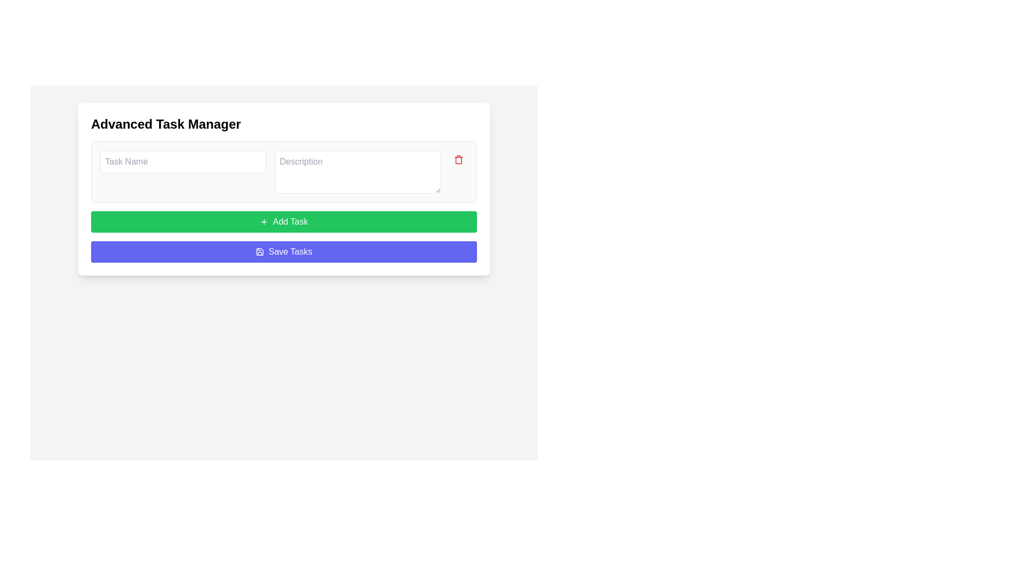 Image resolution: width=1029 pixels, height=579 pixels. Describe the element at coordinates (458, 159) in the screenshot. I see `the red trash can icon within the button located at the top right of the task management section` at that location.